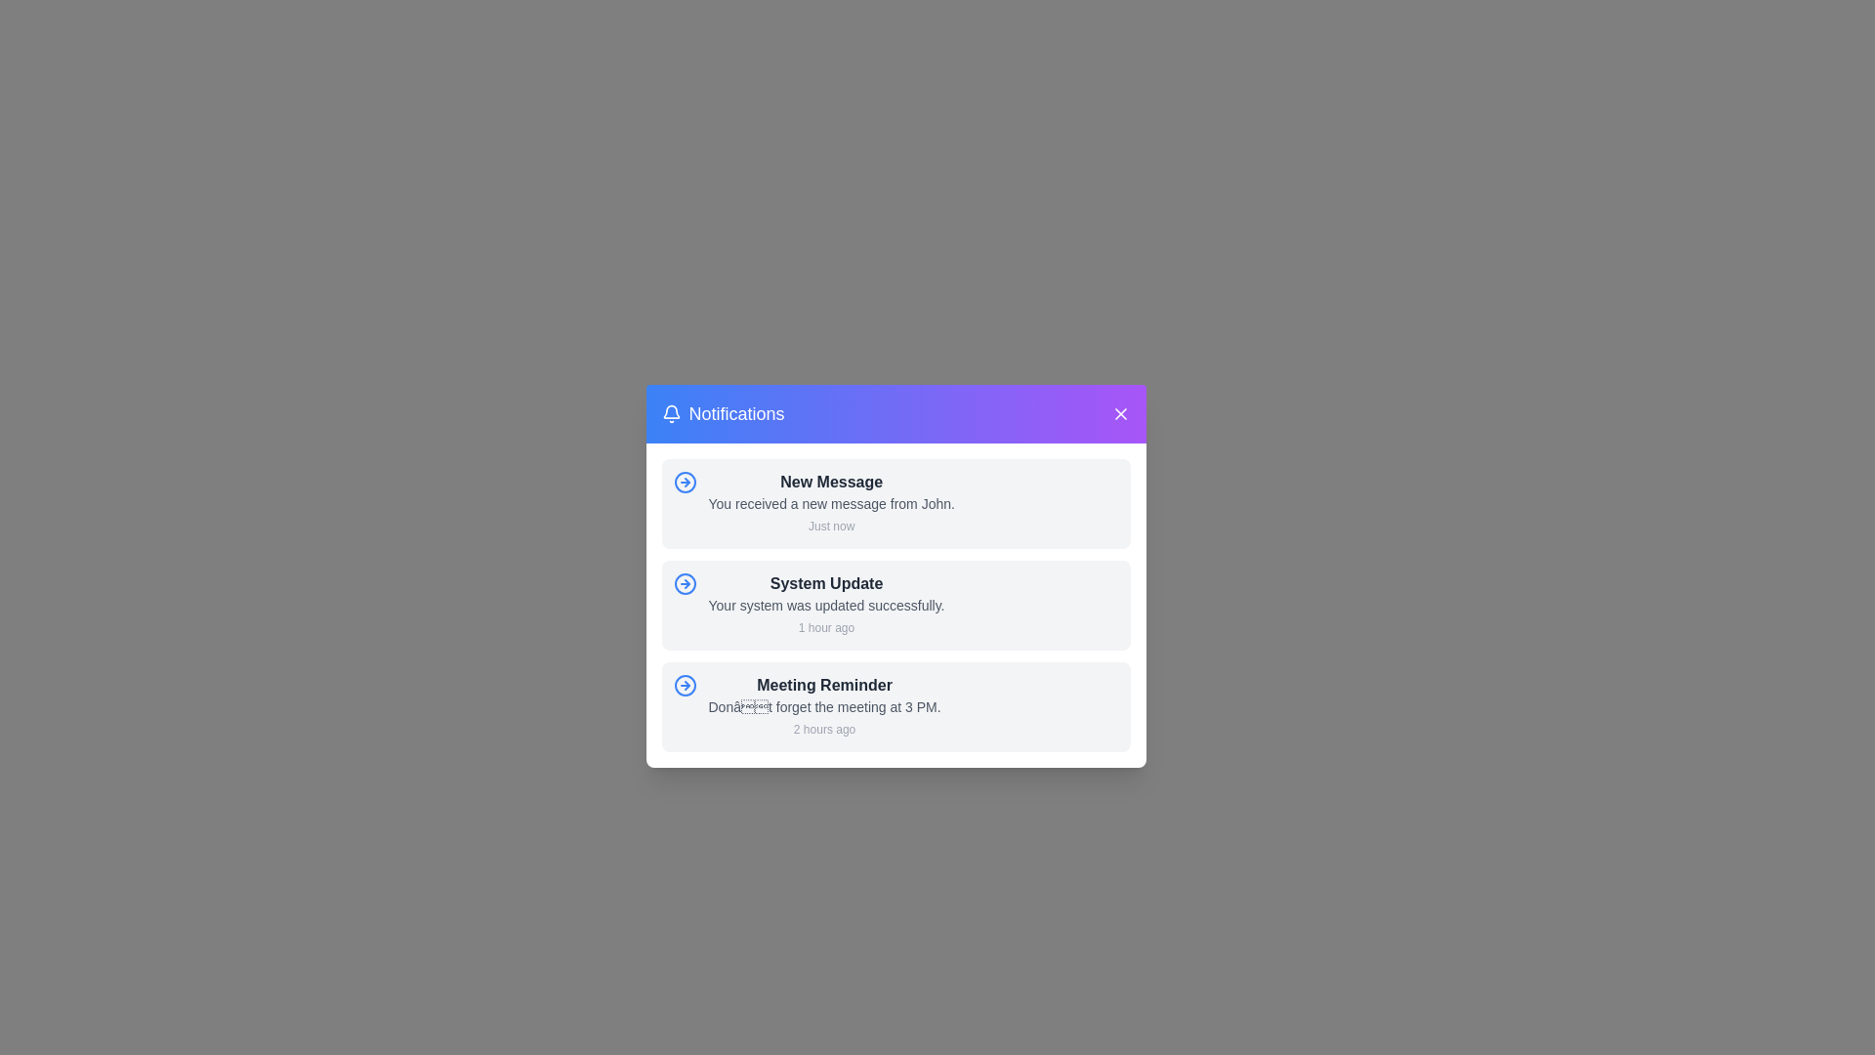 The height and width of the screenshot is (1055, 1875). I want to click on the circular icon with a right-pointing arrow encased in a blue outline located in the 'Meeting Reminder' notification tile, so click(685, 685).